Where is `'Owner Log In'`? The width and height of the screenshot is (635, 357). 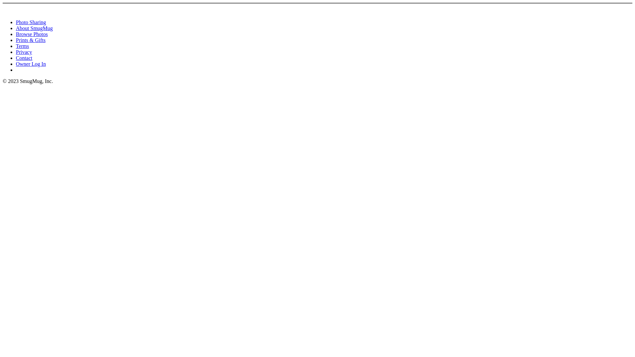
'Owner Log In' is located at coordinates (30, 64).